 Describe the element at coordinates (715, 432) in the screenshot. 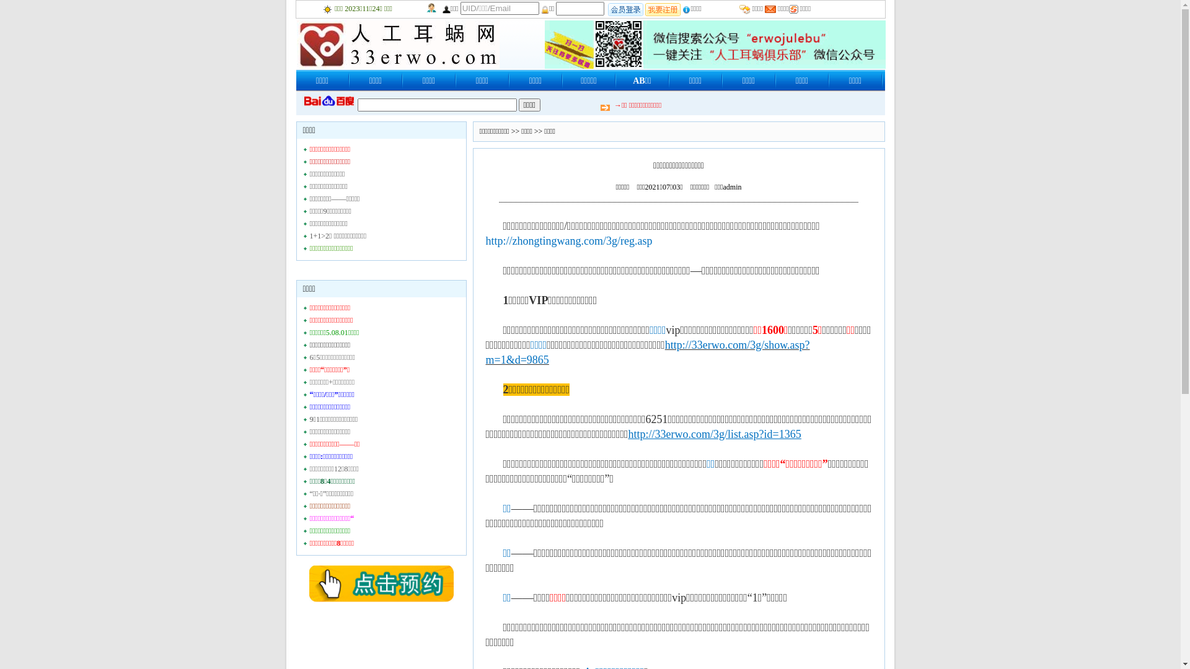

I see `'http://33erwo.com/3g/list.asp?id=1365'` at that location.